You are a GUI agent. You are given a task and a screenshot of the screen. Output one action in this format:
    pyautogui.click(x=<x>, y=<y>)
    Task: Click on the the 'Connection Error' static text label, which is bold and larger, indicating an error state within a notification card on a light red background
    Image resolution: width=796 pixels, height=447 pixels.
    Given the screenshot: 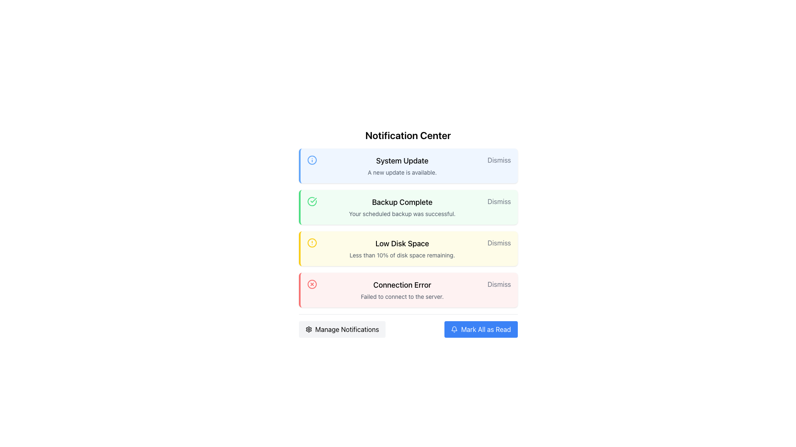 What is the action you would take?
    pyautogui.click(x=402, y=285)
    